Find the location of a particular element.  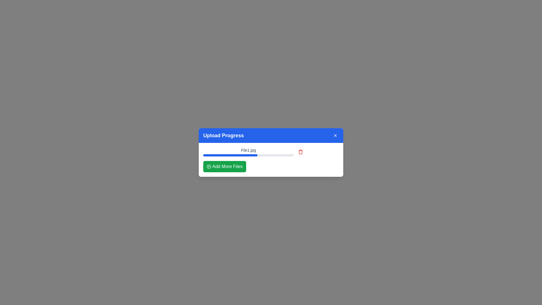

the 'X' button at the top-right corner of the 'Upload Progress' modal dialog is located at coordinates (335, 135).